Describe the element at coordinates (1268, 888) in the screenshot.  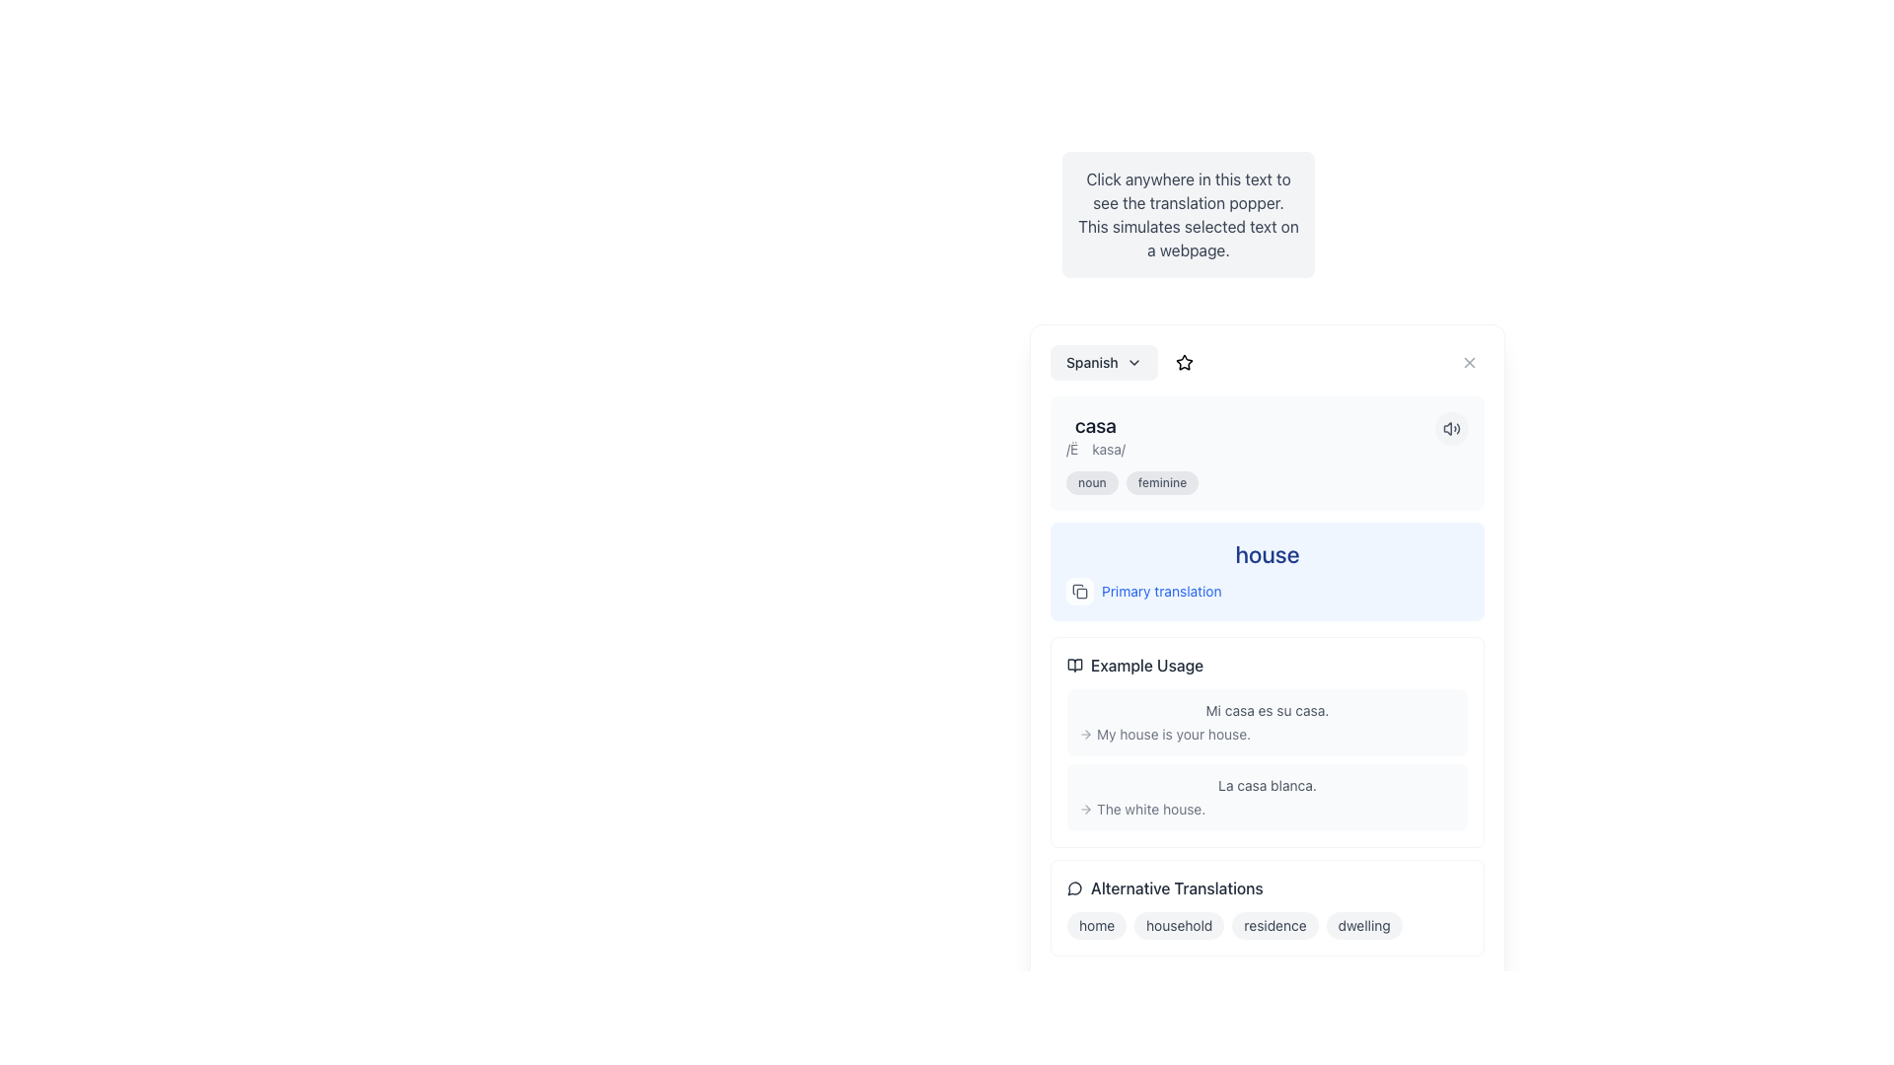
I see `the speech bubble icon next to the 'Alternative Translations' label, which signifies communication` at that location.